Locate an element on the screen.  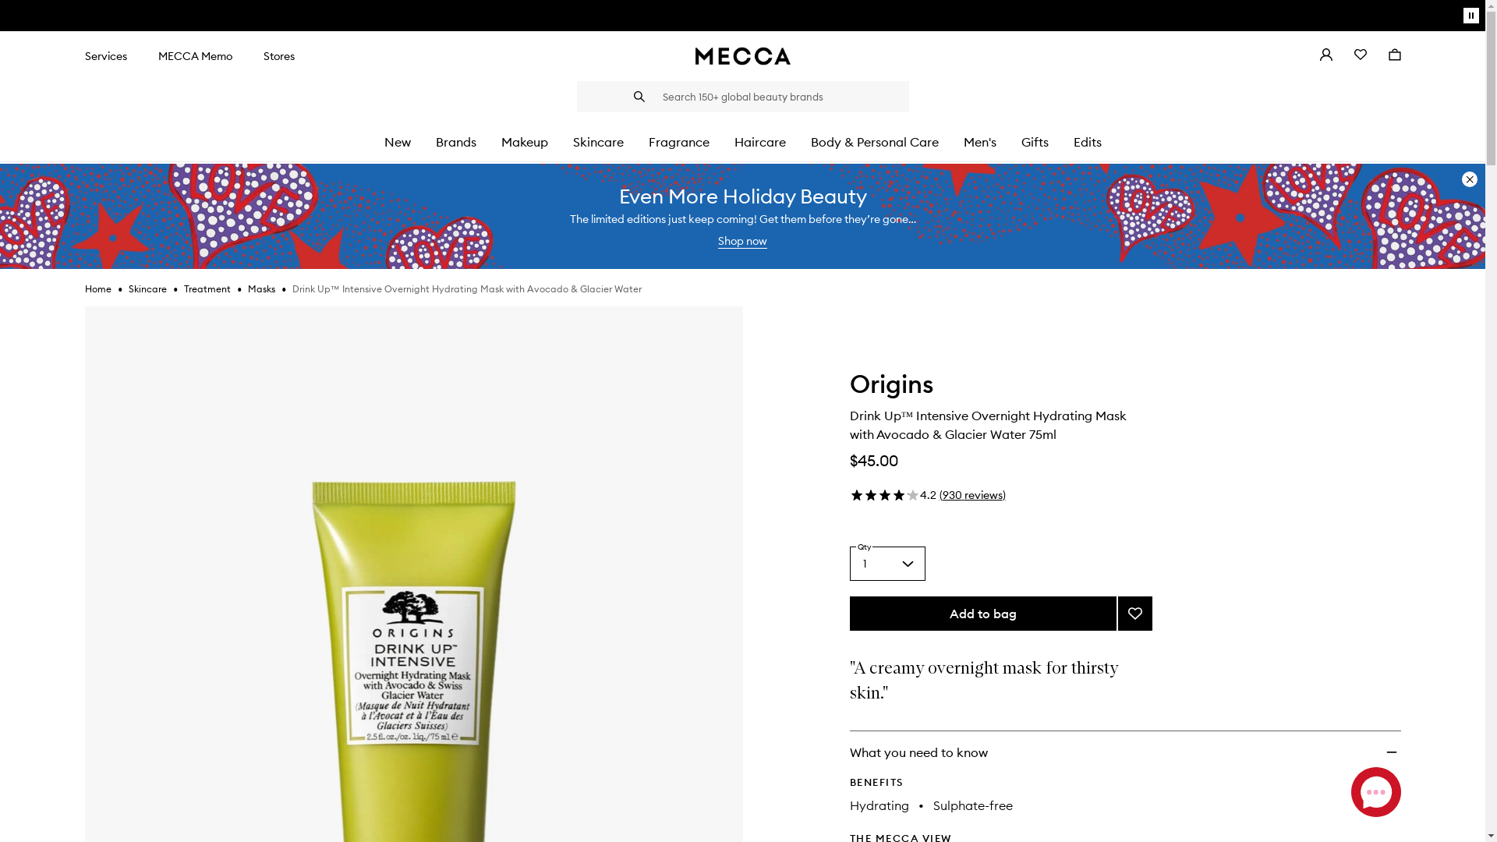
'Treatment' is located at coordinates (206, 288).